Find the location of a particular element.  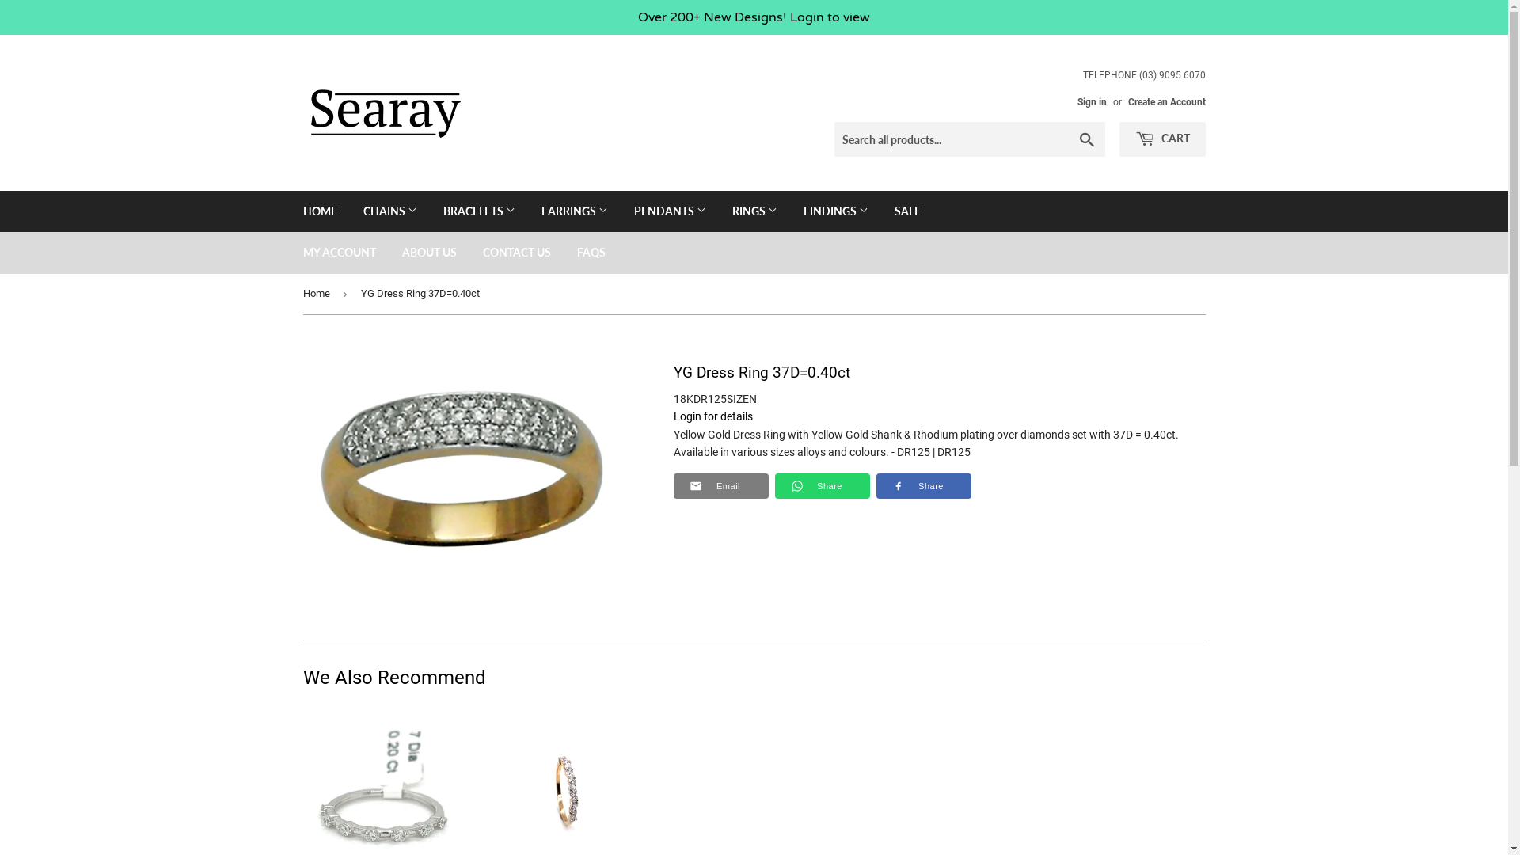

'Search' is located at coordinates (1085, 139).